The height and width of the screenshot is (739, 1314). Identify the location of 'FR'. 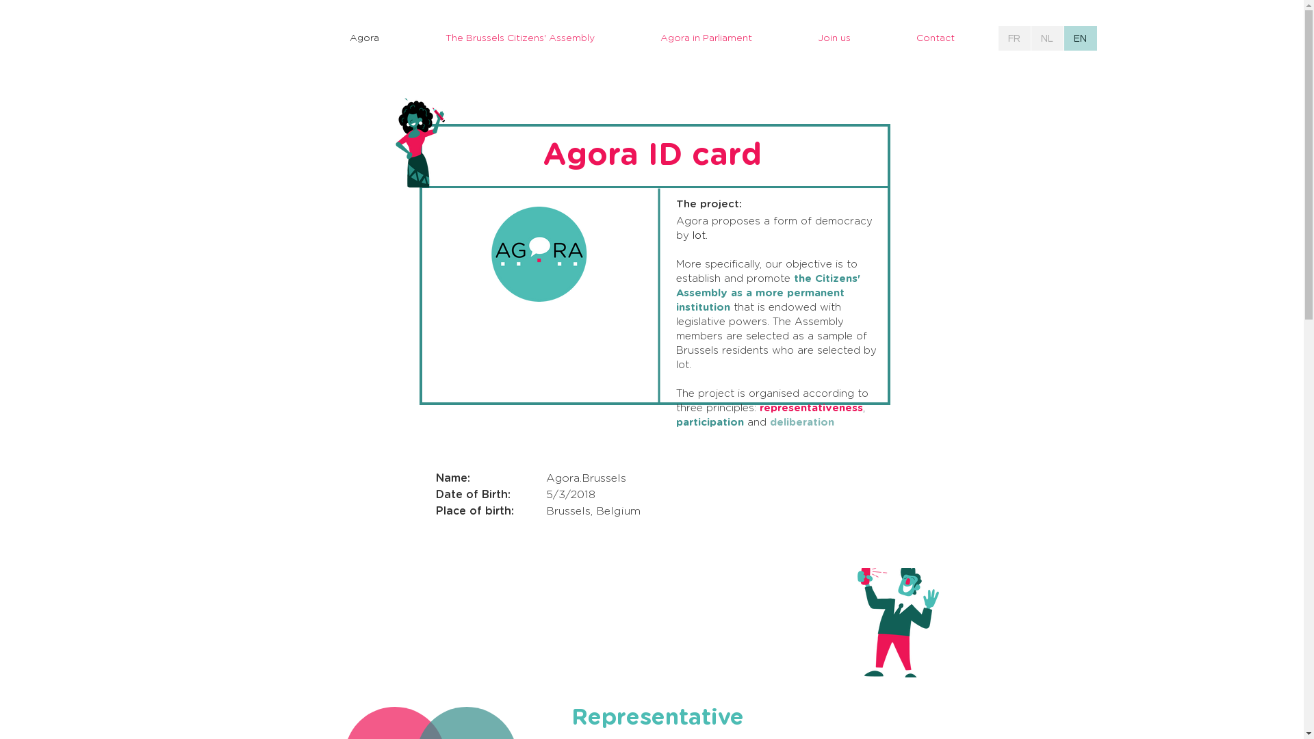
(1014, 38).